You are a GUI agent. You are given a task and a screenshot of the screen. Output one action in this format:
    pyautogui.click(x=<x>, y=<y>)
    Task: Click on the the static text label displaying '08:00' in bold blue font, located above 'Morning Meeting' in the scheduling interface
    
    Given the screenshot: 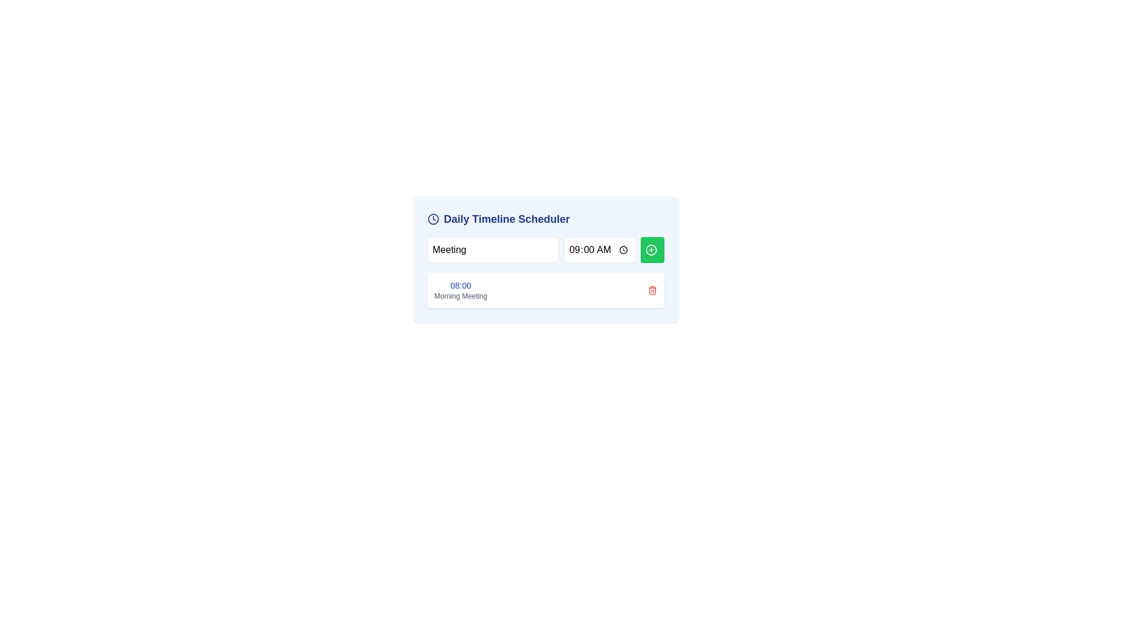 What is the action you would take?
    pyautogui.click(x=460, y=286)
    